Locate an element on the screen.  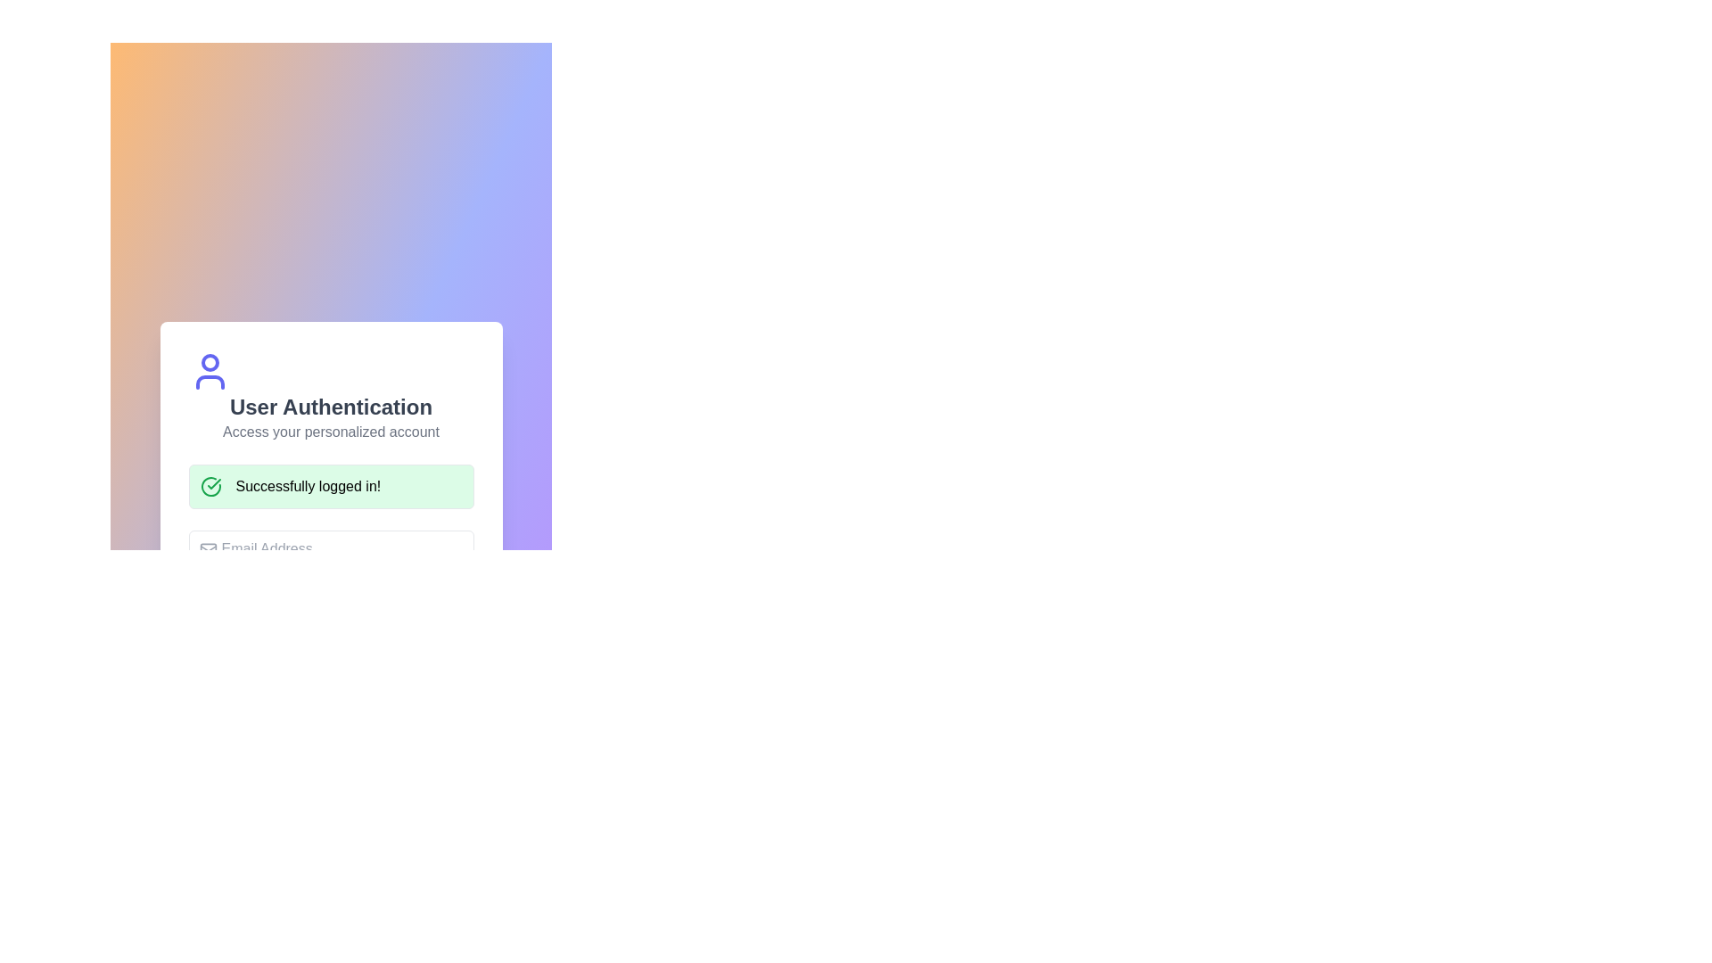
the rectangular graphical icon resembling an envelope, which is located to the left of the 'Email Address' input field is located at coordinates (208, 549).